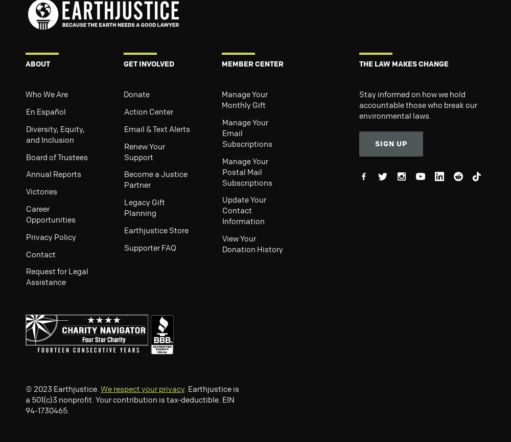  What do you see at coordinates (56, 157) in the screenshot?
I see `'Board of Trustees'` at bounding box center [56, 157].